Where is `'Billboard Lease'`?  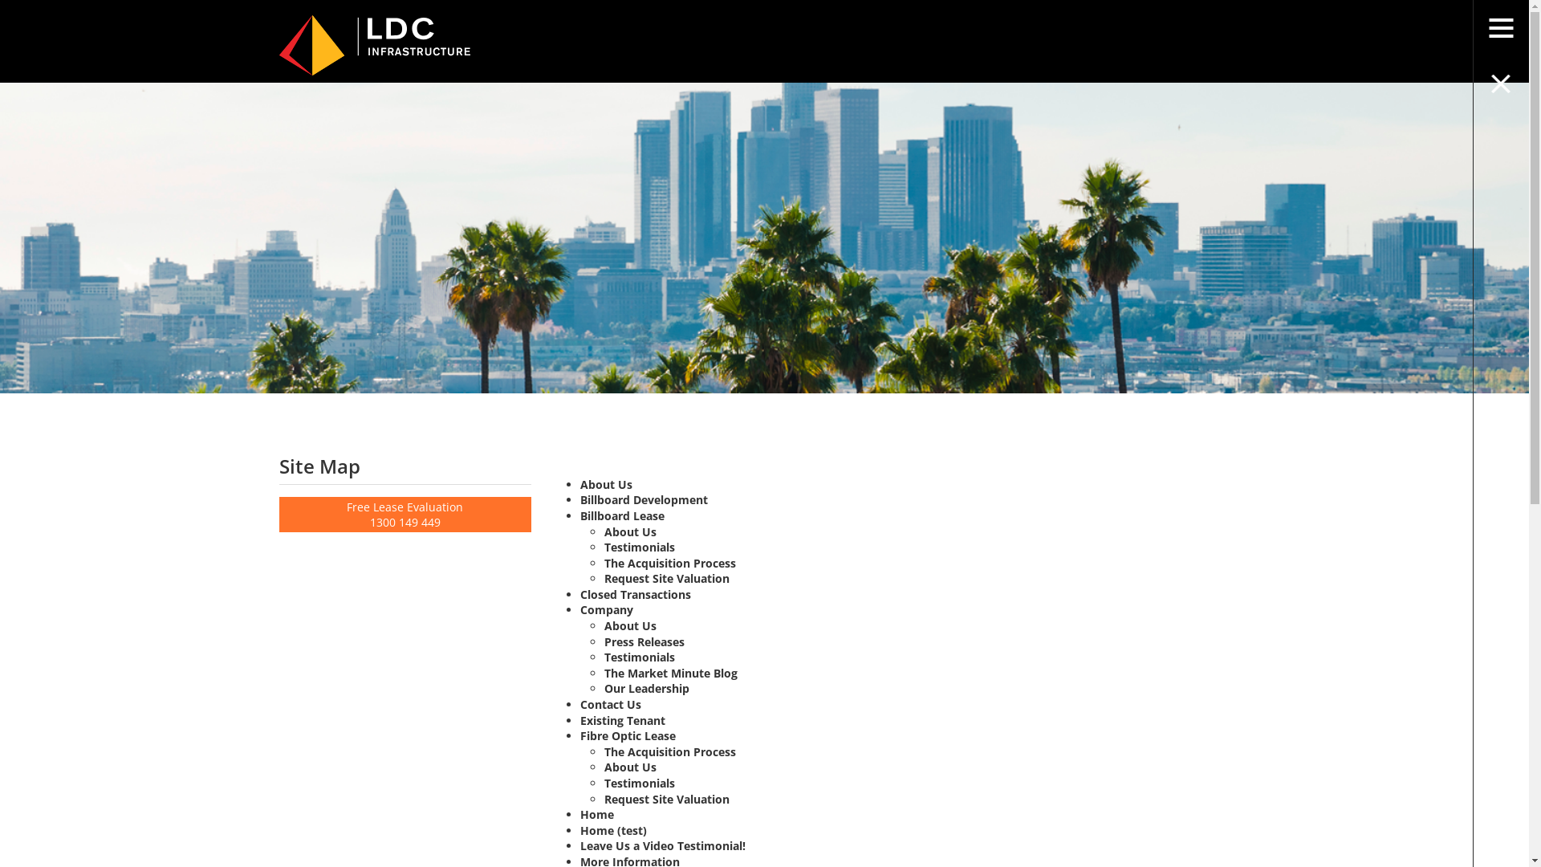 'Billboard Lease' is located at coordinates (621, 515).